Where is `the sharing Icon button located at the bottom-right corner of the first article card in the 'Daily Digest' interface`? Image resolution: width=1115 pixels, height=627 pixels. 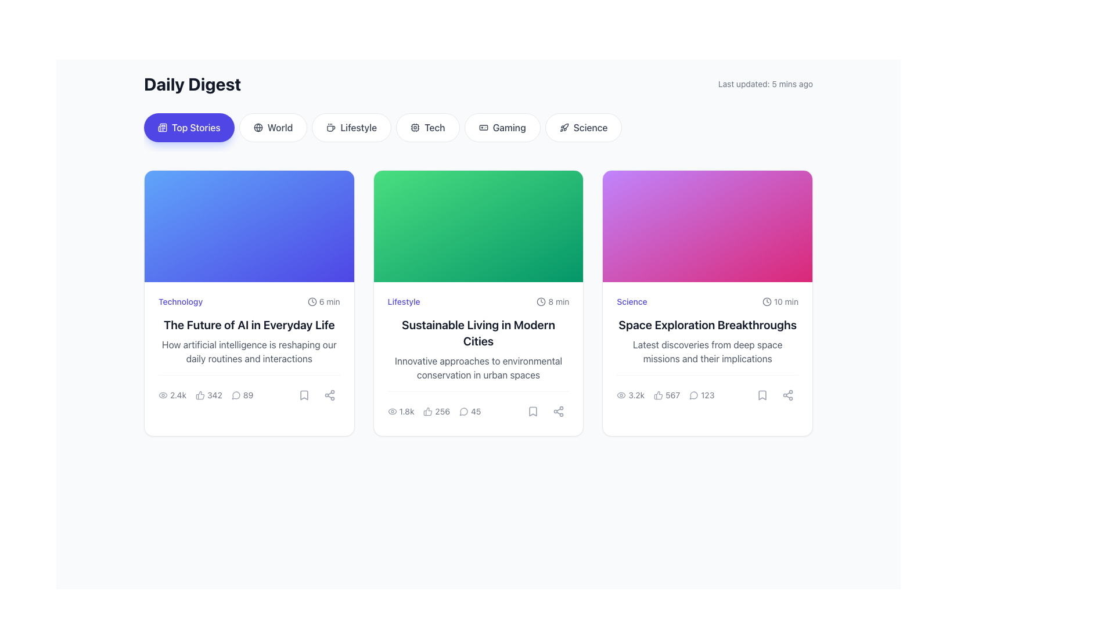
the sharing Icon button located at the bottom-right corner of the first article card in the 'Daily Digest' interface is located at coordinates (329, 395).